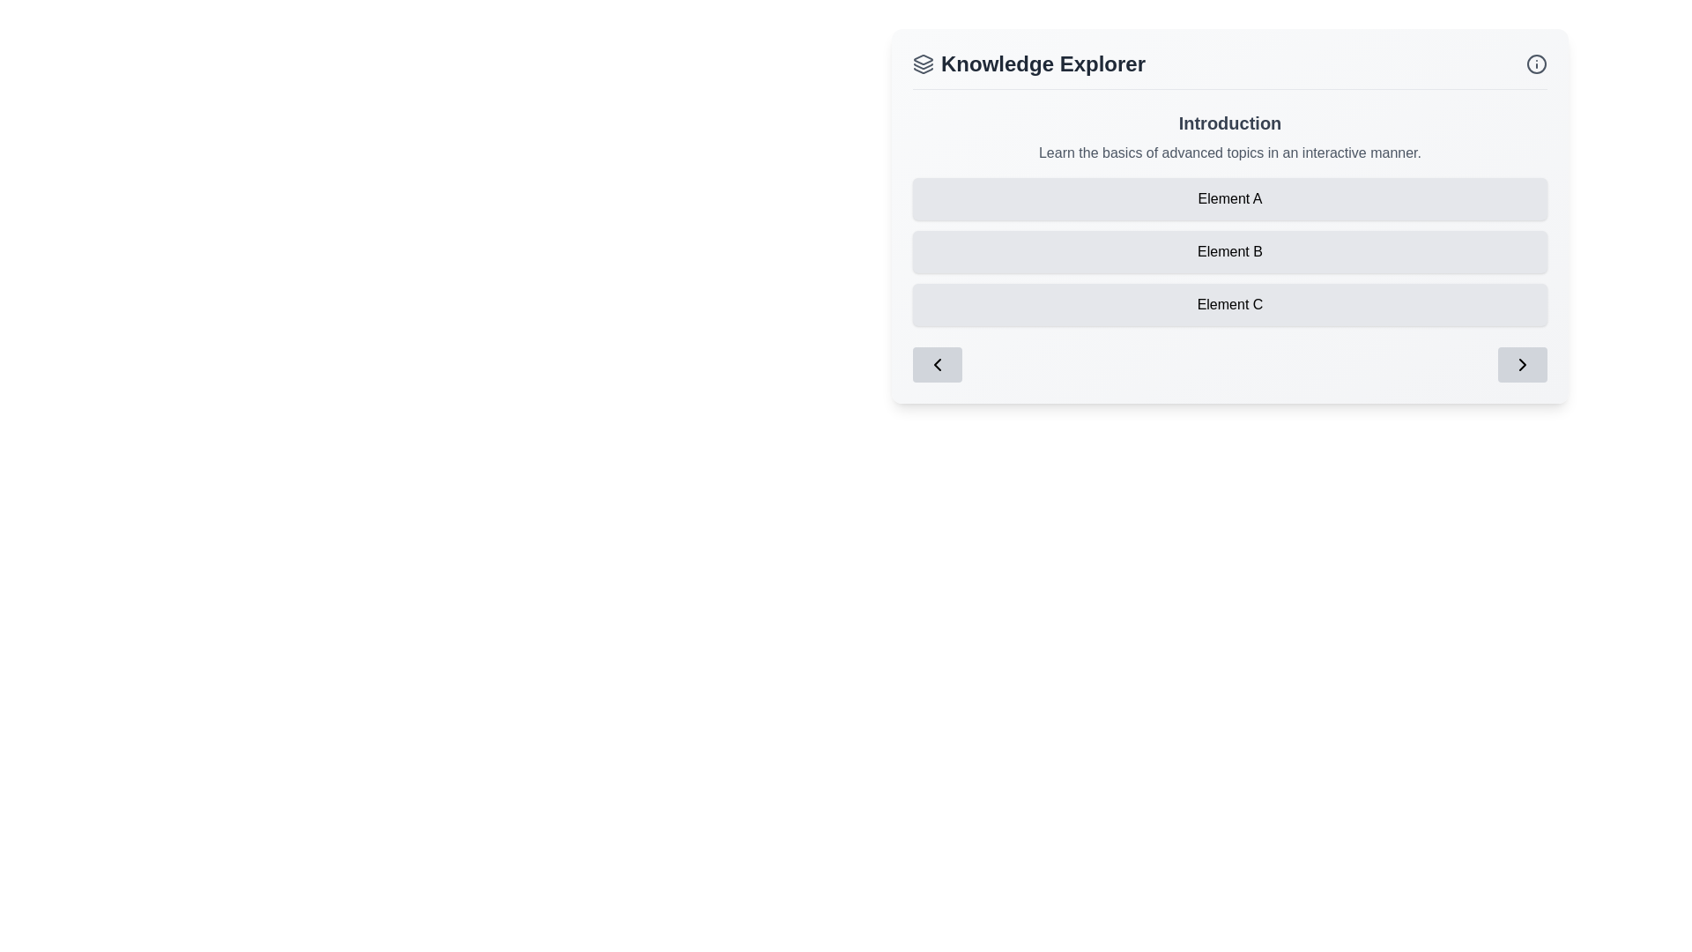 This screenshot has height=952, width=1692. What do you see at coordinates (1028, 63) in the screenshot?
I see `'Knowledge Explorer' TextLabel element, which features bold, large gray text and is located in the upper-left corner of the content card, for additional information` at bounding box center [1028, 63].